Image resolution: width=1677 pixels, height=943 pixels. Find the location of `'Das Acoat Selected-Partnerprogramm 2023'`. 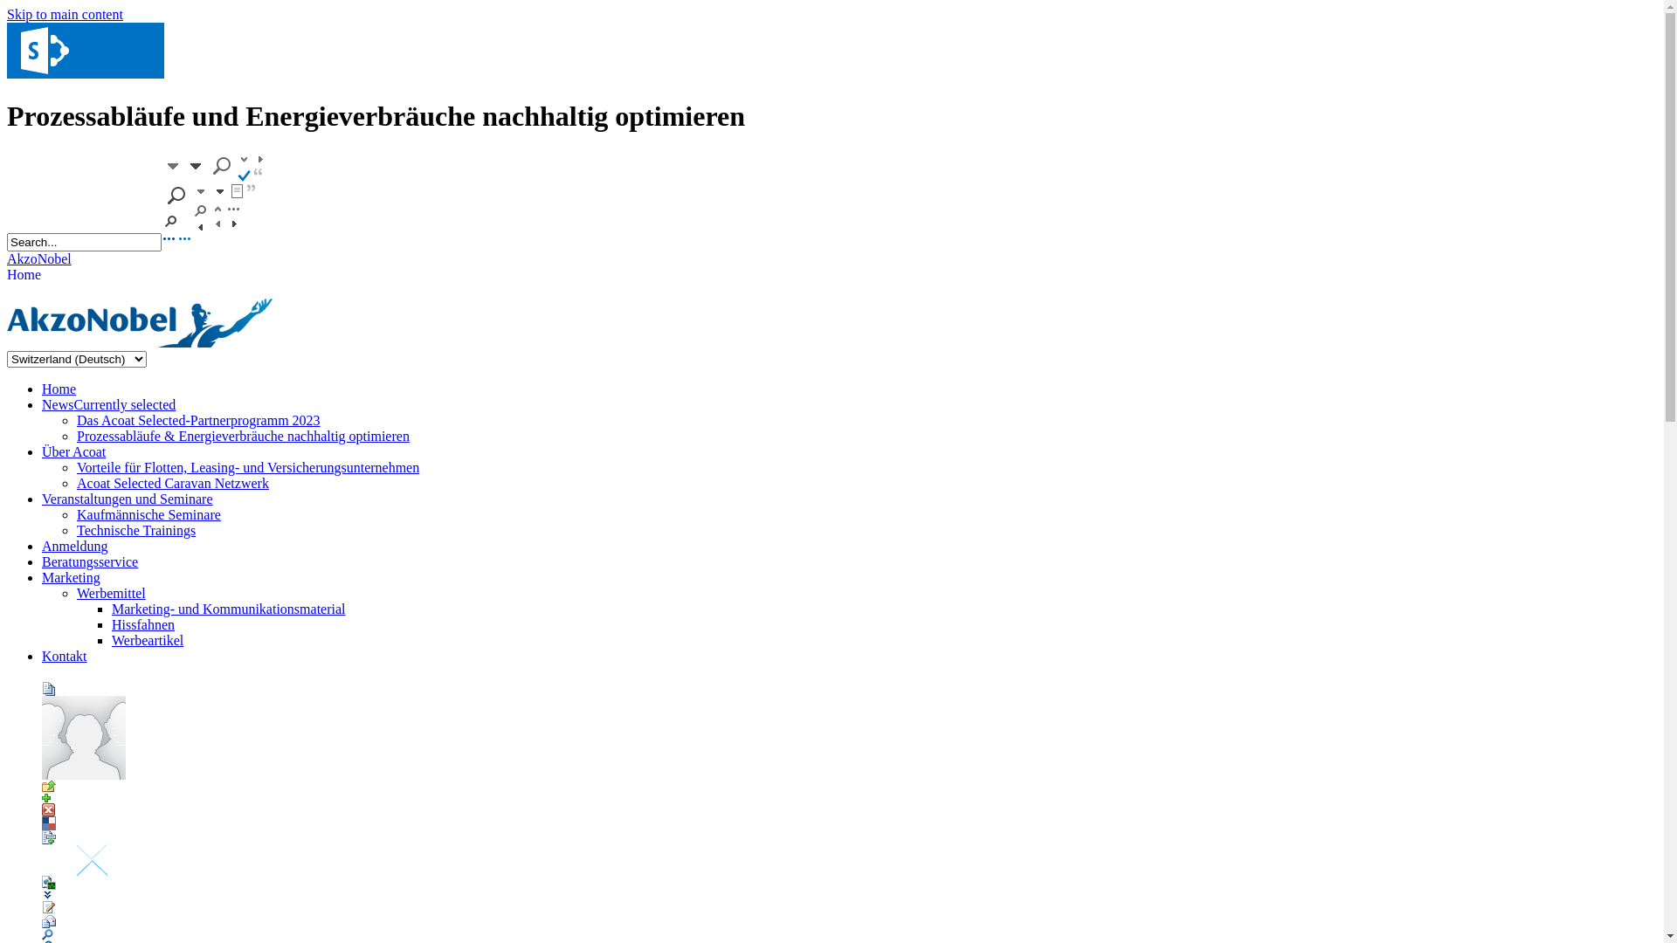

'Das Acoat Selected-Partnerprogramm 2023' is located at coordinates (198, 420).